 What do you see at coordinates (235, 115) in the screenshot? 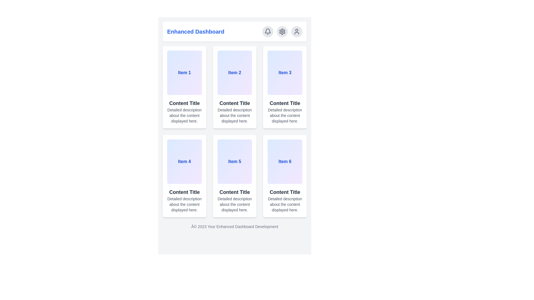
I see `the static text element displaying 'Detailed description about the content displayed here.' located in the second card of the first row under 'Content Title'` at bounding box center [235, 115].